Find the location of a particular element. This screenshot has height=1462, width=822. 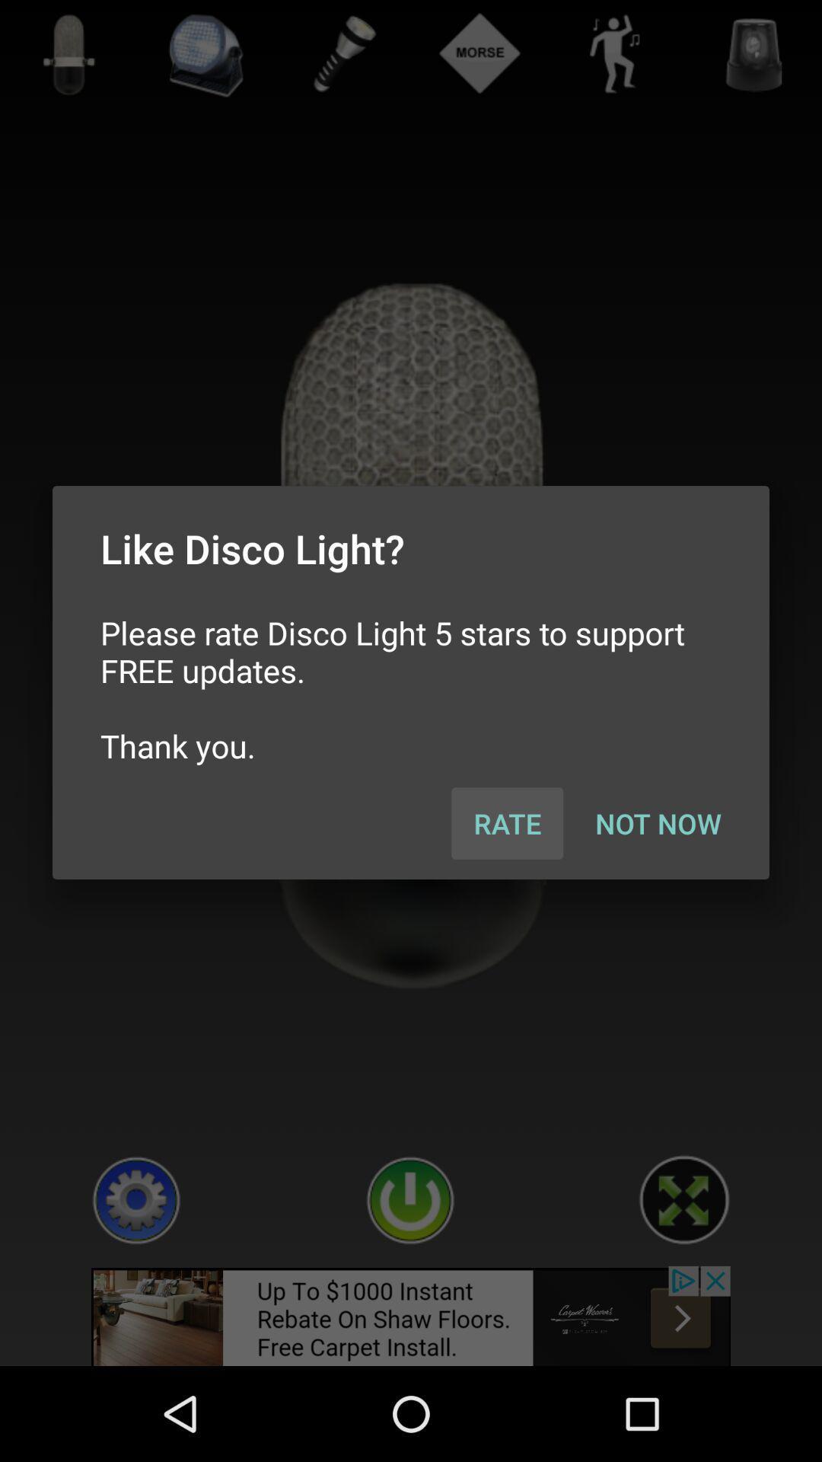

the avatar icon is located at coordinates (616, 54).